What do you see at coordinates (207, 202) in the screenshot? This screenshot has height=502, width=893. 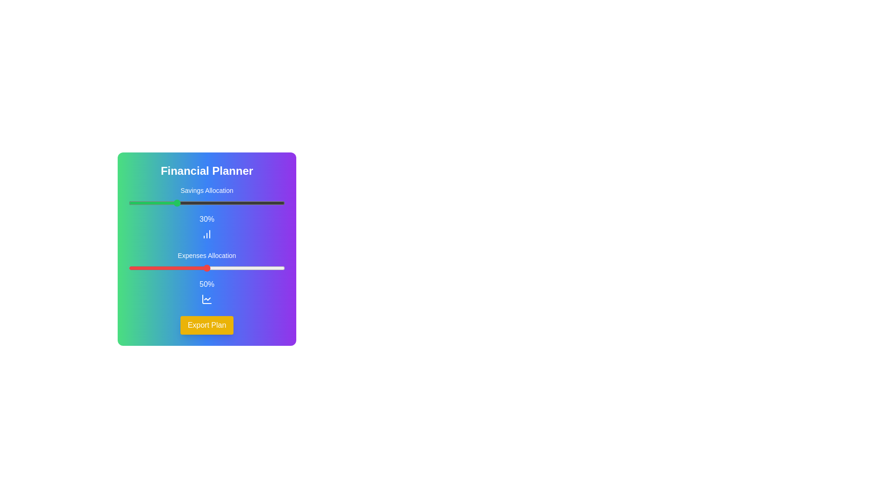 I see `the range slider for adjusting the 'Savings Allocation' value, which is positioned between the label 'Savings Allocation' and the percentage label '30%'` at bounding box center [207, 202].